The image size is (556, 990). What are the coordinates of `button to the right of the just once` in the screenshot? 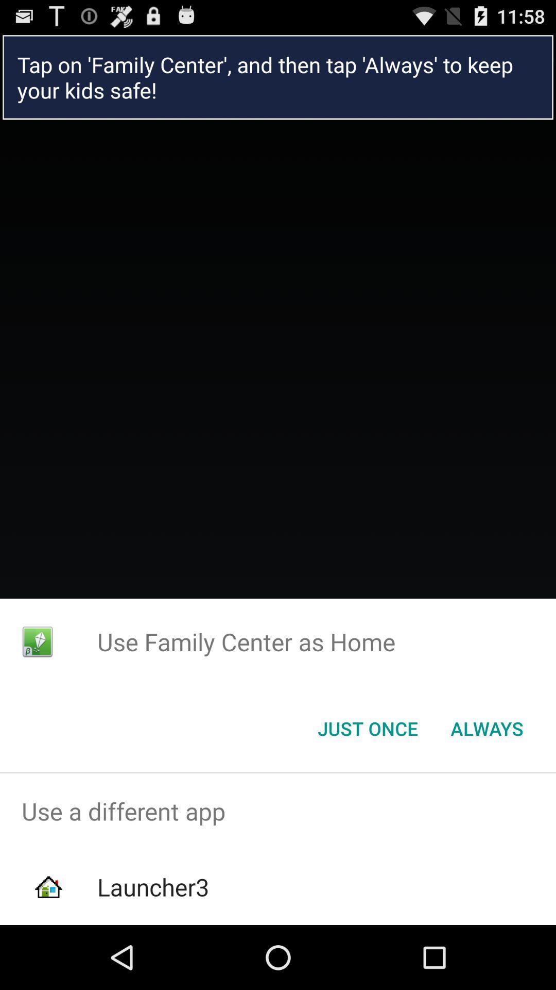 It's located at (486, 728).